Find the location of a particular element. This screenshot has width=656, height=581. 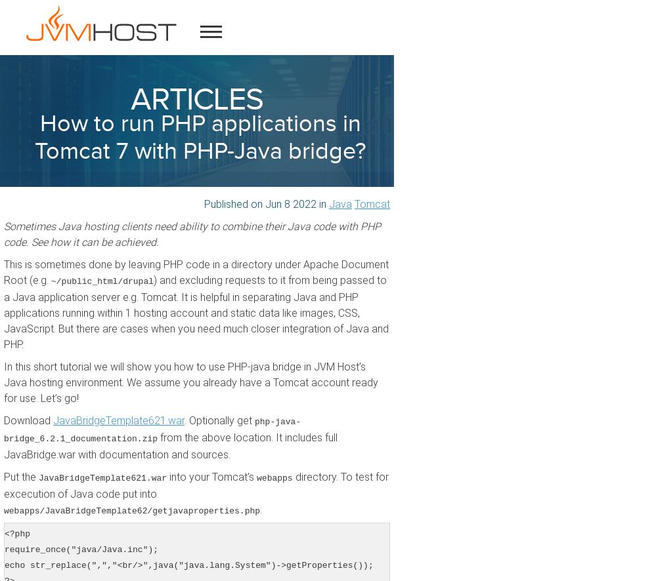

'In this short tutorial we will show you how to use PHP-java bridge in JVM Host’s Java hosting environment. We assume you already have a Tomcat account ready for use. Let’s go!' is located at coordinates (190, 382).